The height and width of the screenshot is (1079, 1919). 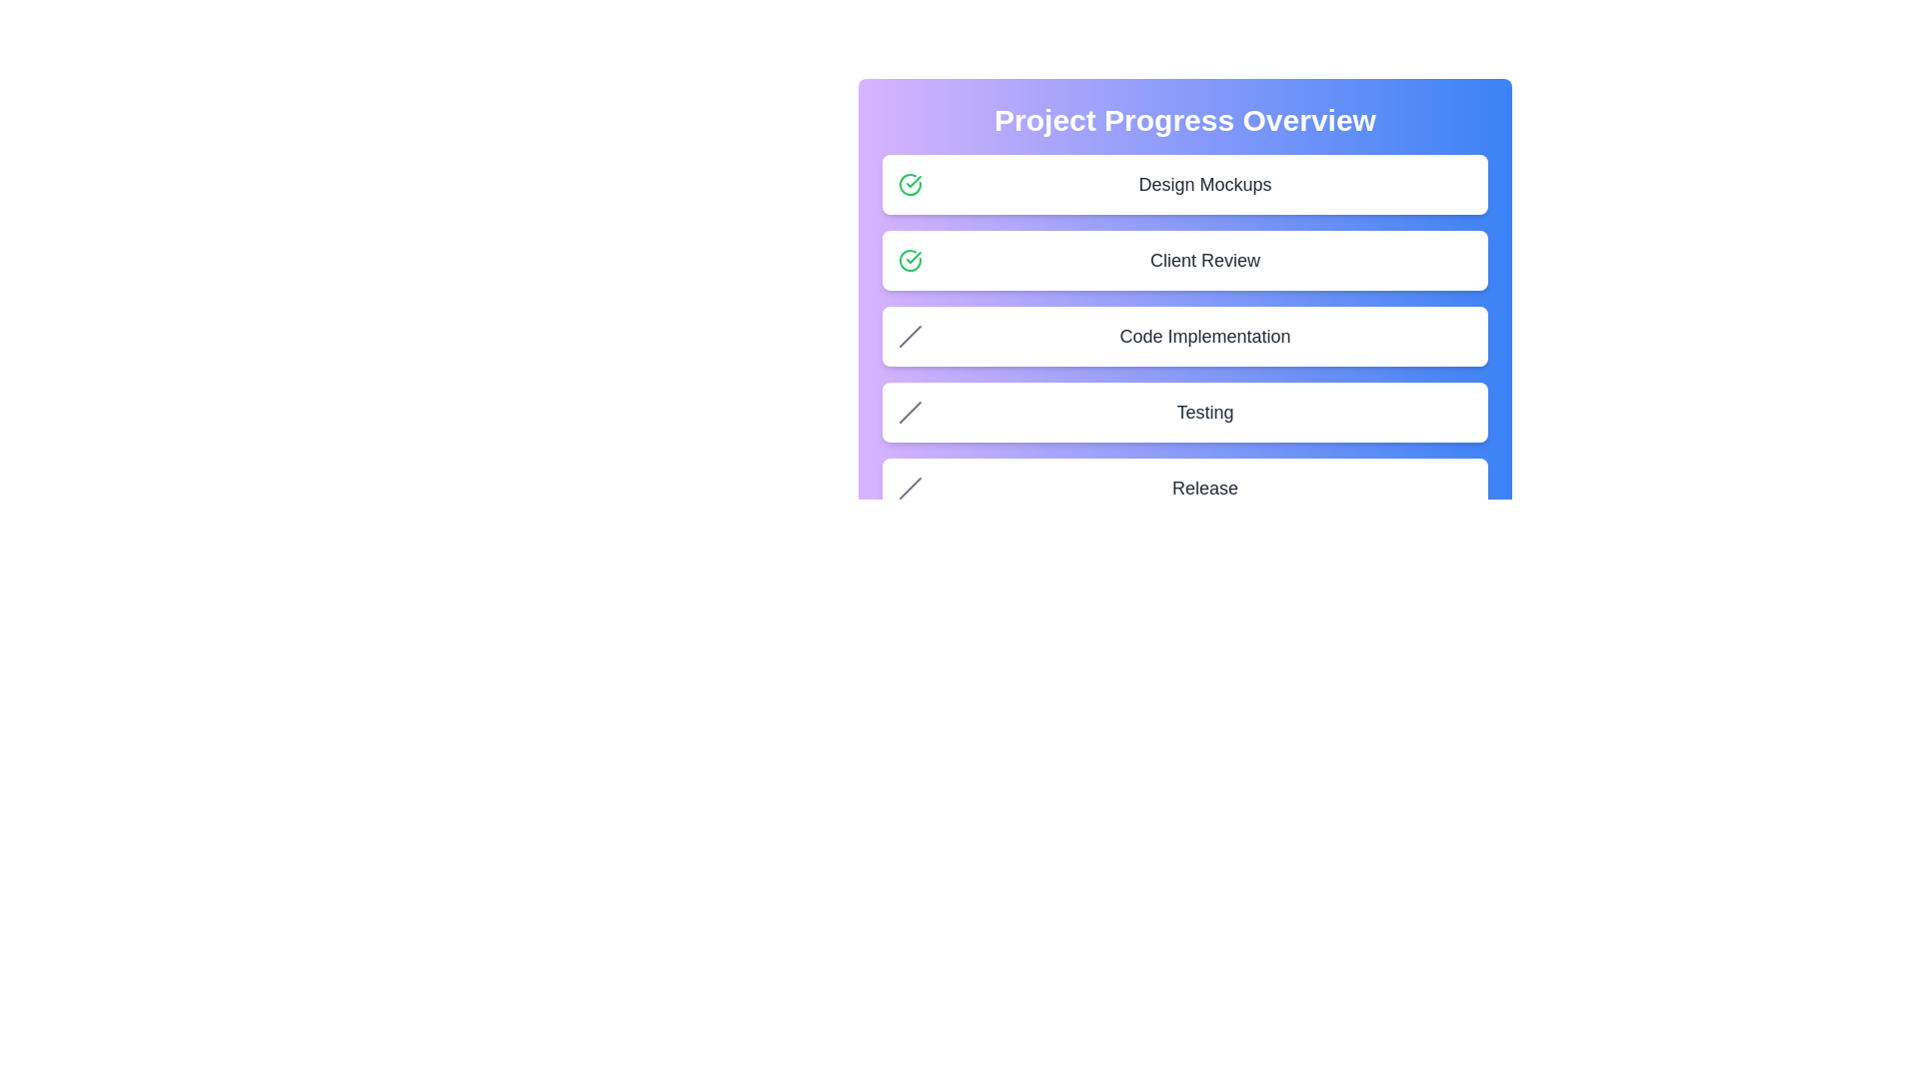 I want to click on the icon indicator on the second card titled 'Client Review' in the 'Project Progress Overview' layout, which features a green check icon on the left side, so click(x=1184, y=260).